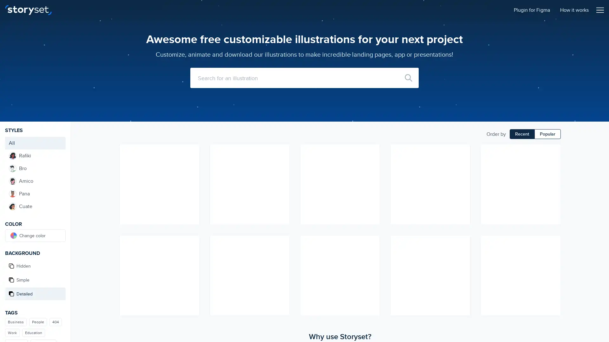  What do you see at coordinates (191, 152) in the screenshot?
I see `wand icon Animate` at bounding box center [191, 152].